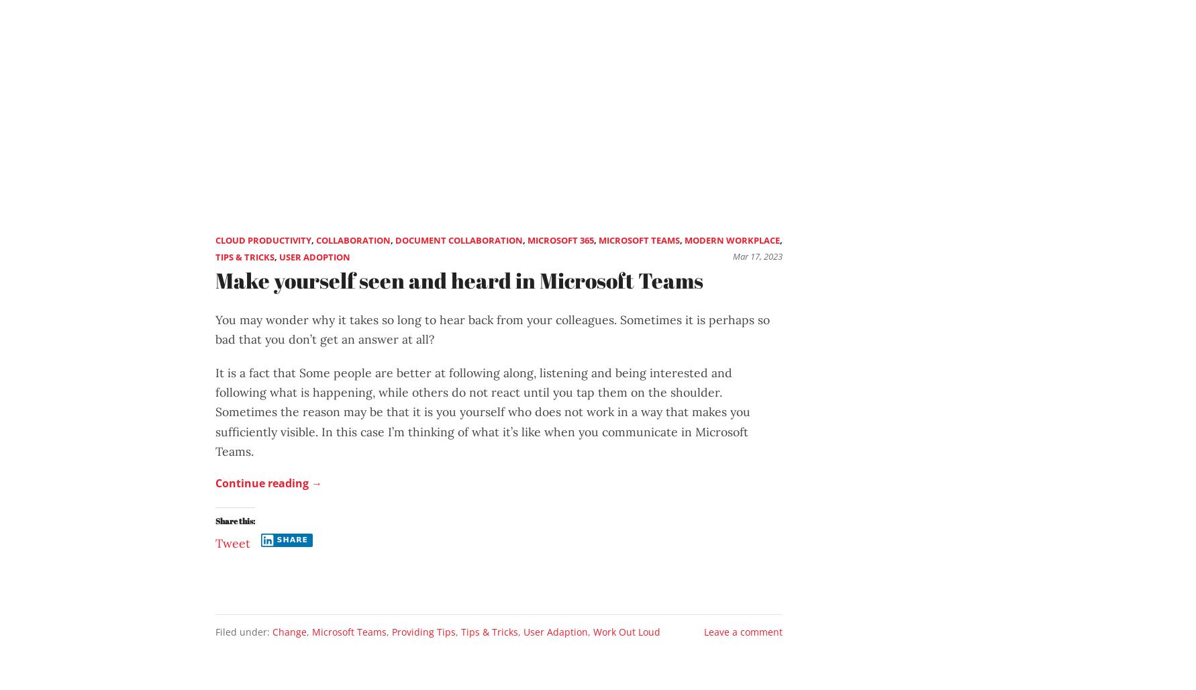 This screenshot has width=1196, height=690. What do you see at coordinates (458, 280) in the screenshot?
I see `'Make yourself seen and heard in Microsoft Teams'` at bounding box center [458, 280].